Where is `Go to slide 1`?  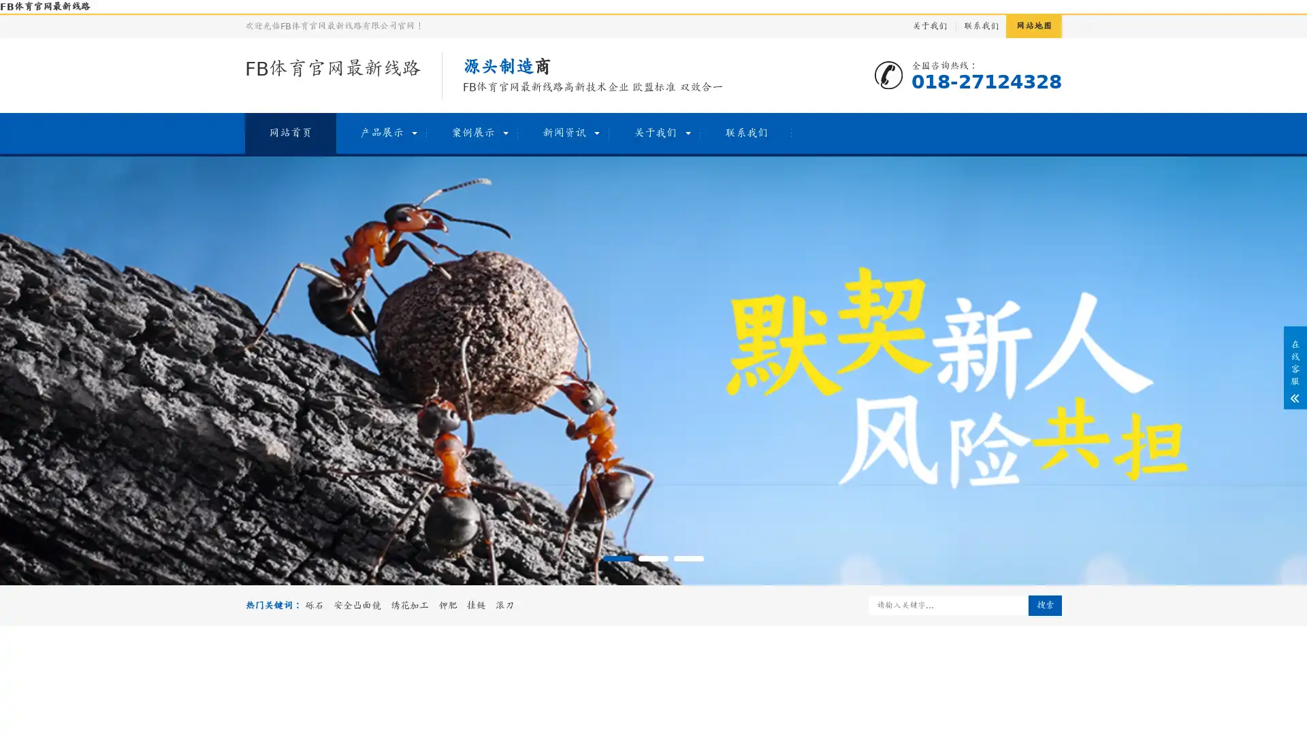 Go to slide 1 is located at coordinates (617, 559).